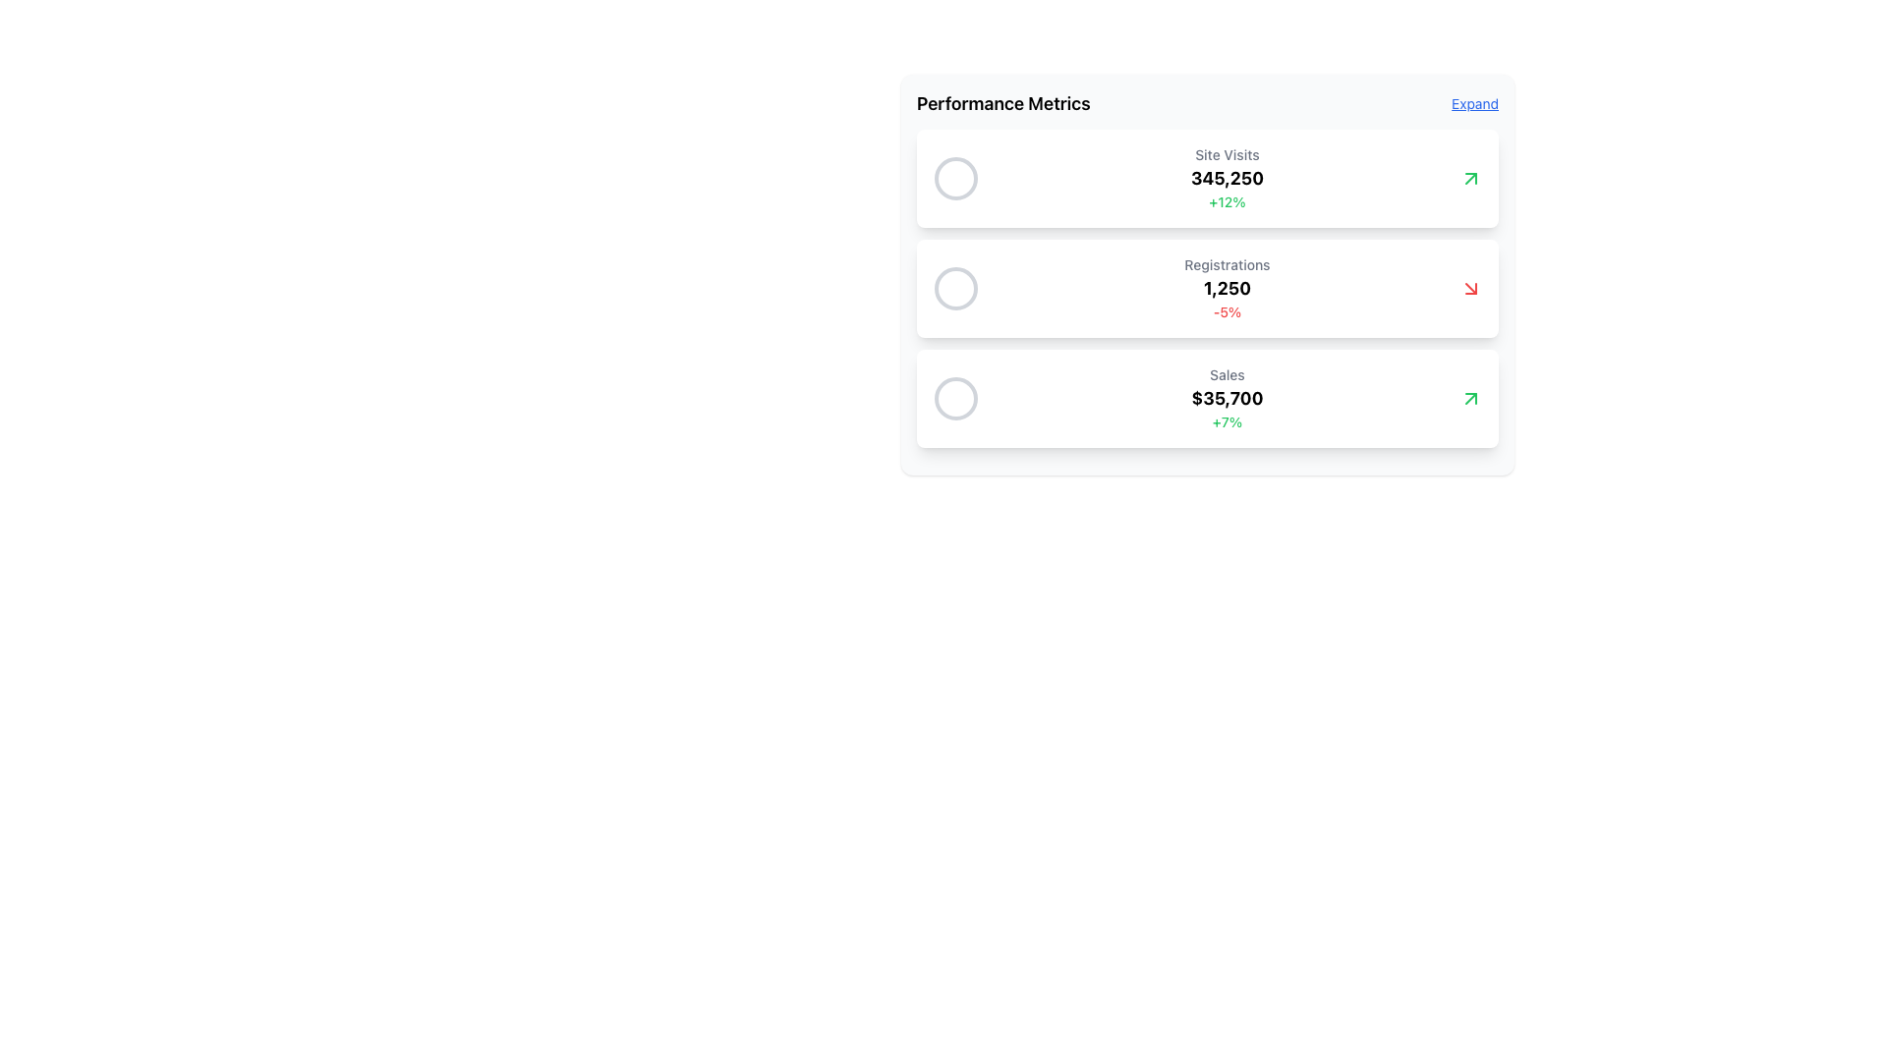 The width and height of the screenshot is (1887, 1061). What do you see at coordinates (1226, 201) in the screenshot?
I see `the green percentage display text element that indicates improvement in the 'Site Visits' section, positioned below the '345,250' text` at bounding box center [1226, 201].